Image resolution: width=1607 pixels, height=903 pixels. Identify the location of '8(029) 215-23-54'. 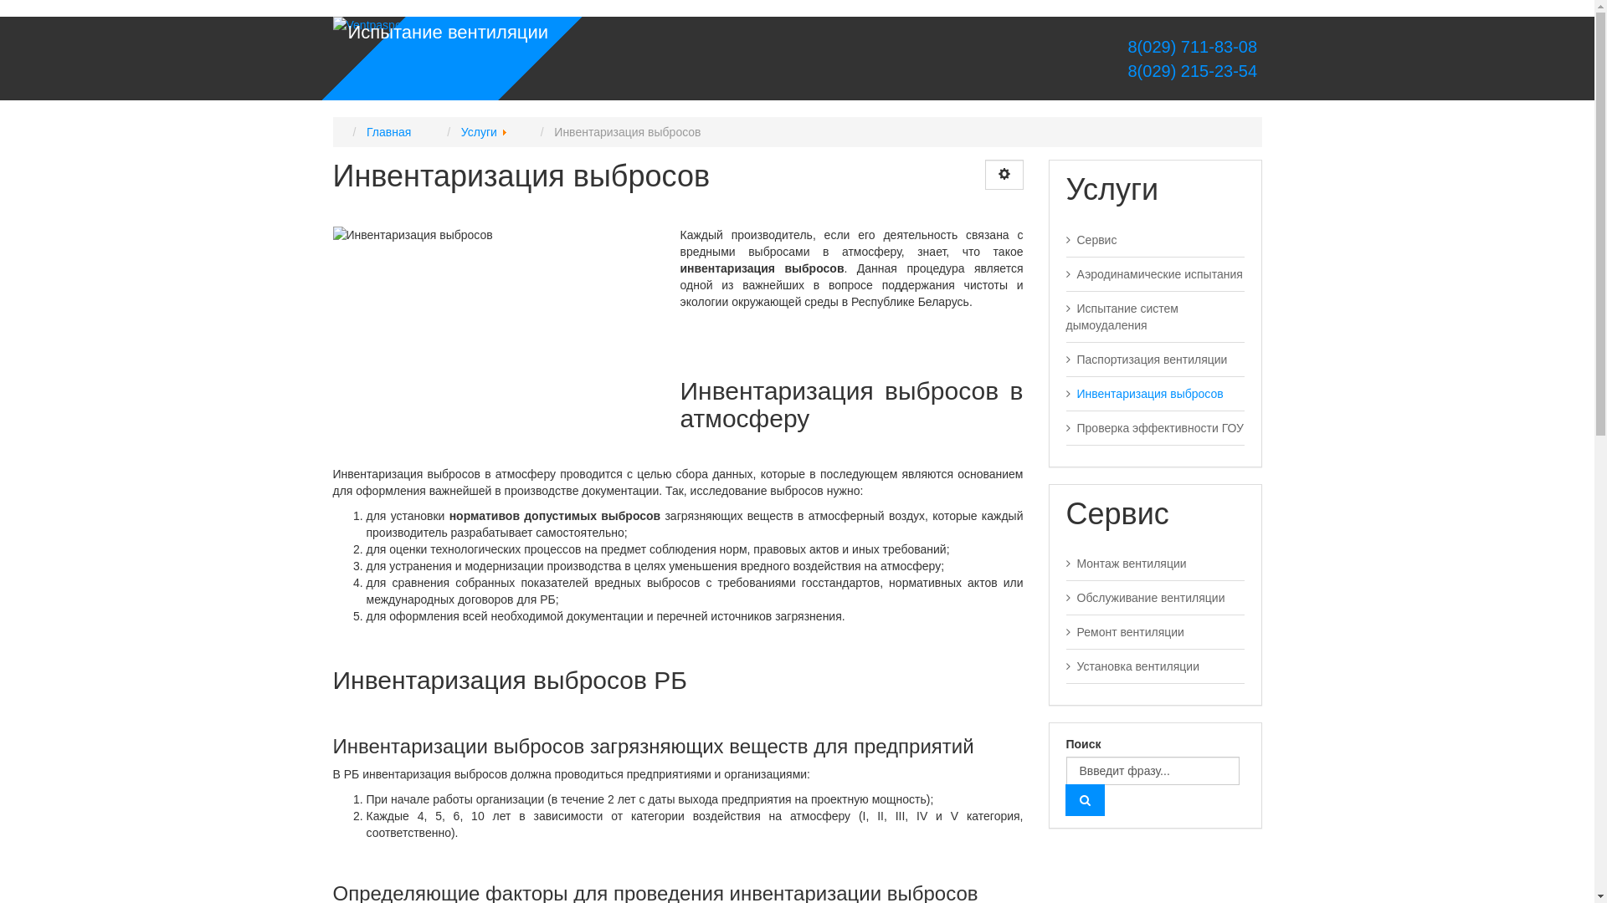
(1128, 69).